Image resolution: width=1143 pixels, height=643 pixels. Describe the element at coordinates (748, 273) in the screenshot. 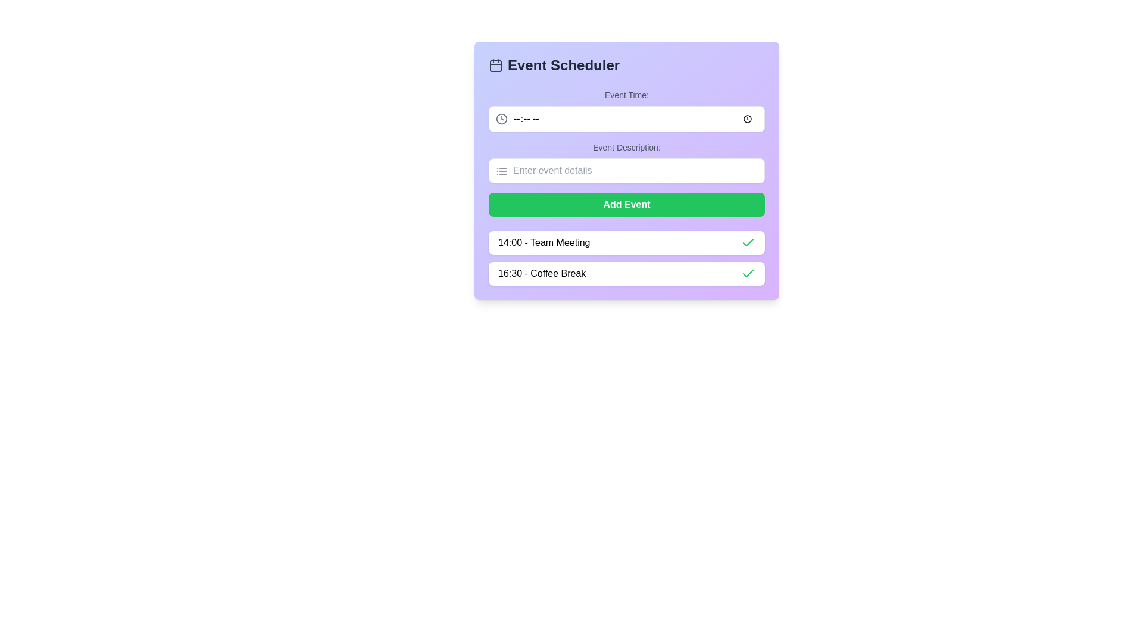

I see `the checkmark SVG icon that indicates successful completion for the '14:00 - Team Meeting' event` at that location.